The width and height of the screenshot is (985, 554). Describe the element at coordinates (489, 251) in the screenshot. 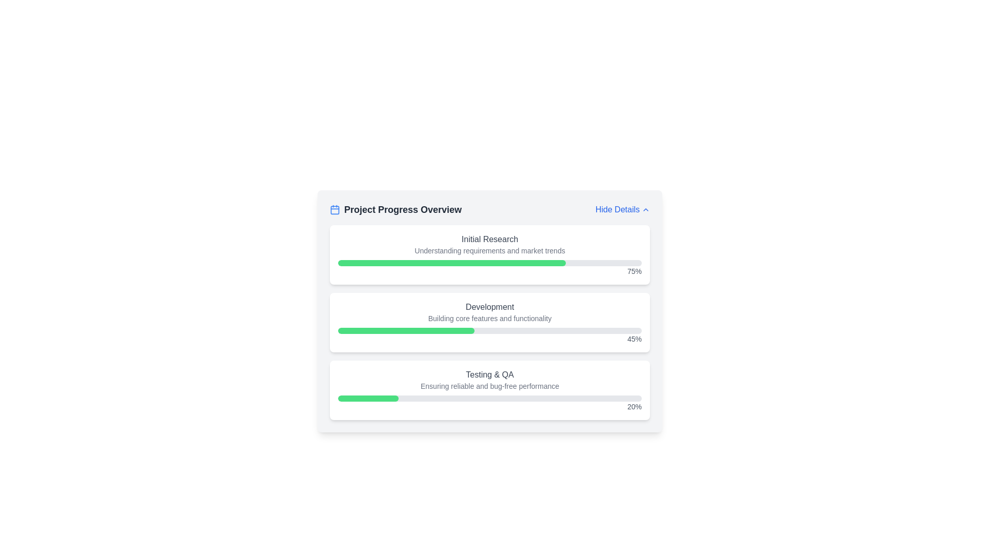

I see `the detailed description element below the title 'Initial Research'` at that location.